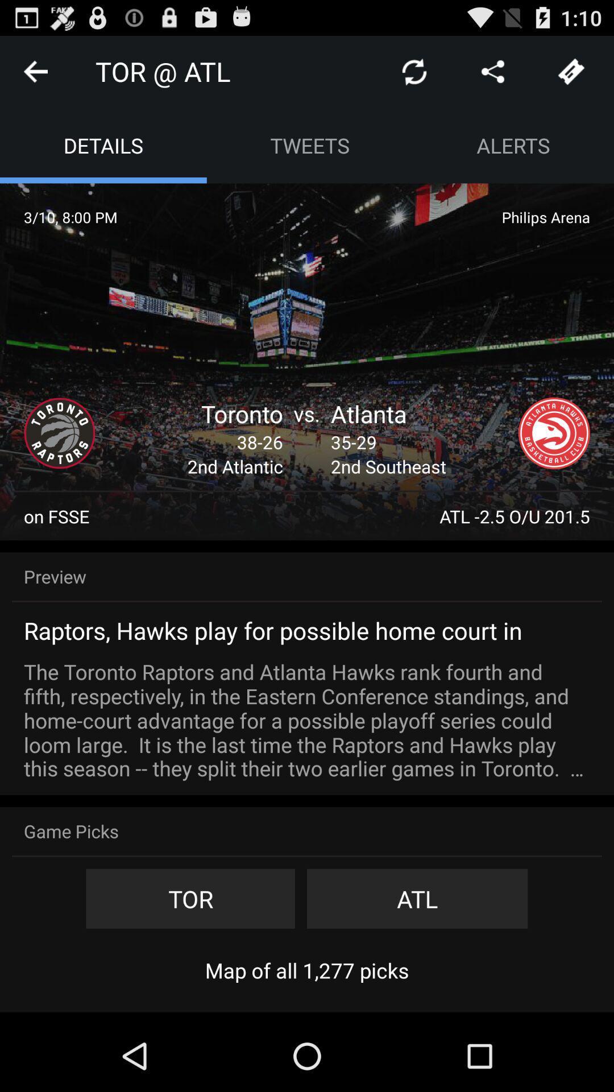 The image size is (614, 1092). I want to click on the arrow_backward icon, so click(35, 76).